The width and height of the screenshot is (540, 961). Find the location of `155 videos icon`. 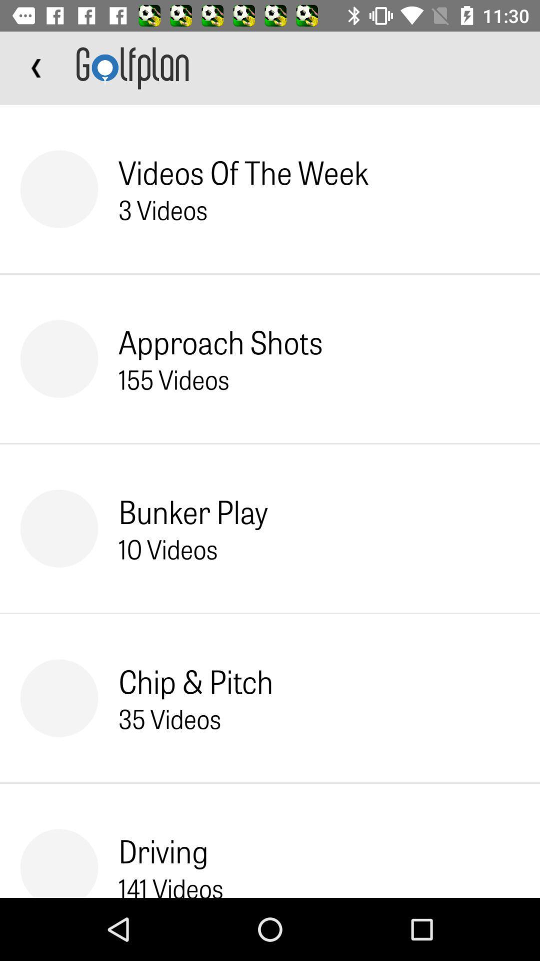

155 videos icon is located at coordinates (173, 378).